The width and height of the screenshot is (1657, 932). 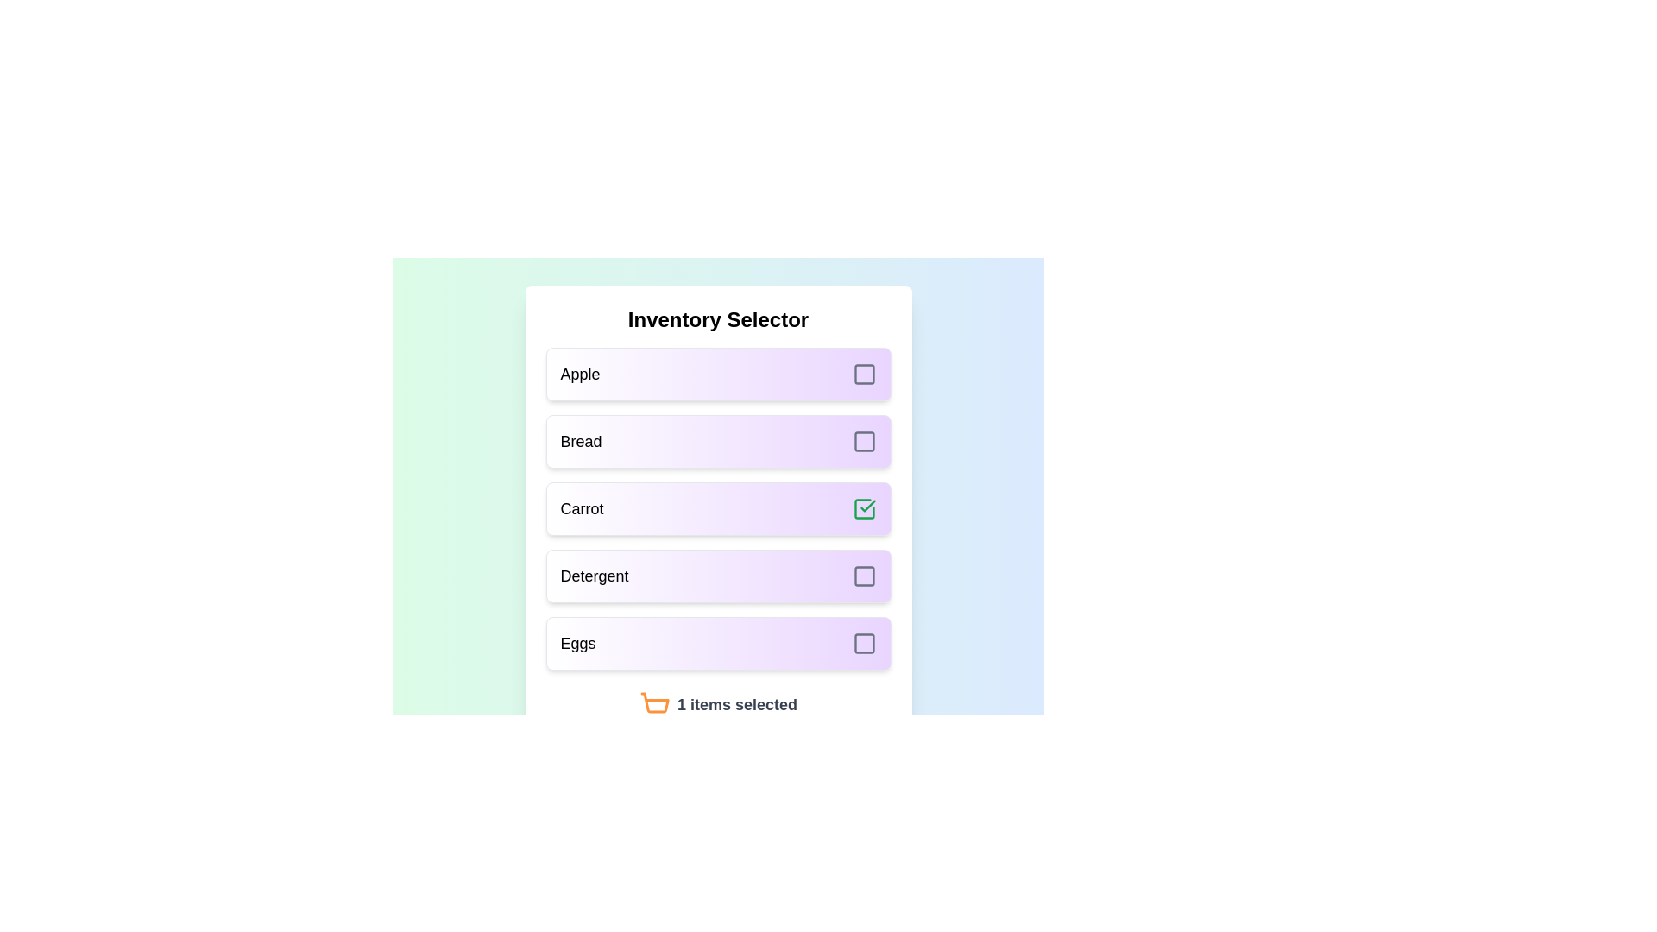 I want to click on the list item Carrot, so click(x=718, y=508).